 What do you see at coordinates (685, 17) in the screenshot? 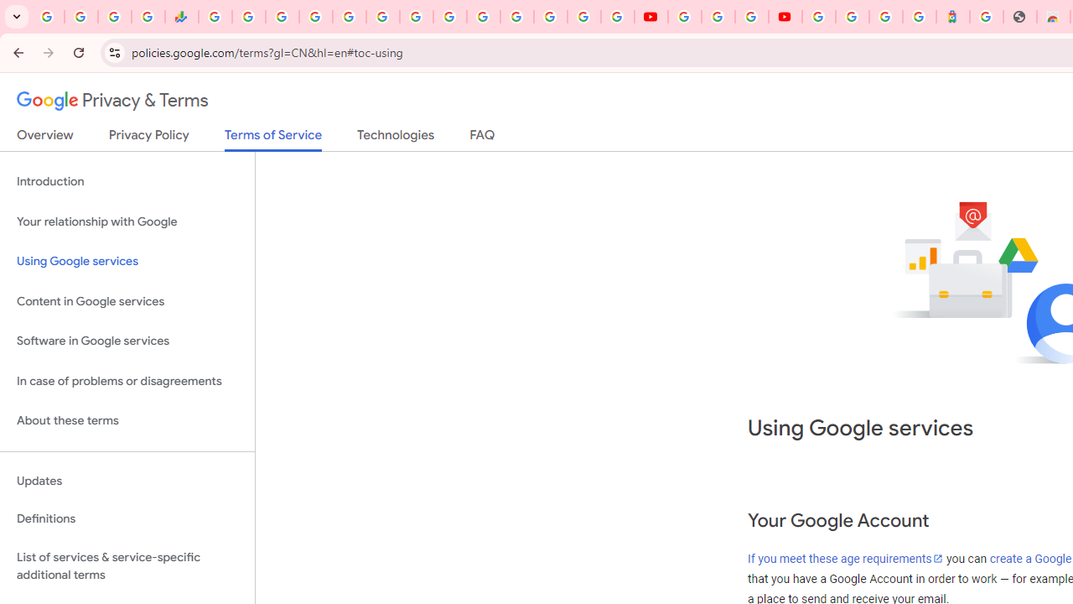
I see `'YouTube'` at bounding box center [685, 17].